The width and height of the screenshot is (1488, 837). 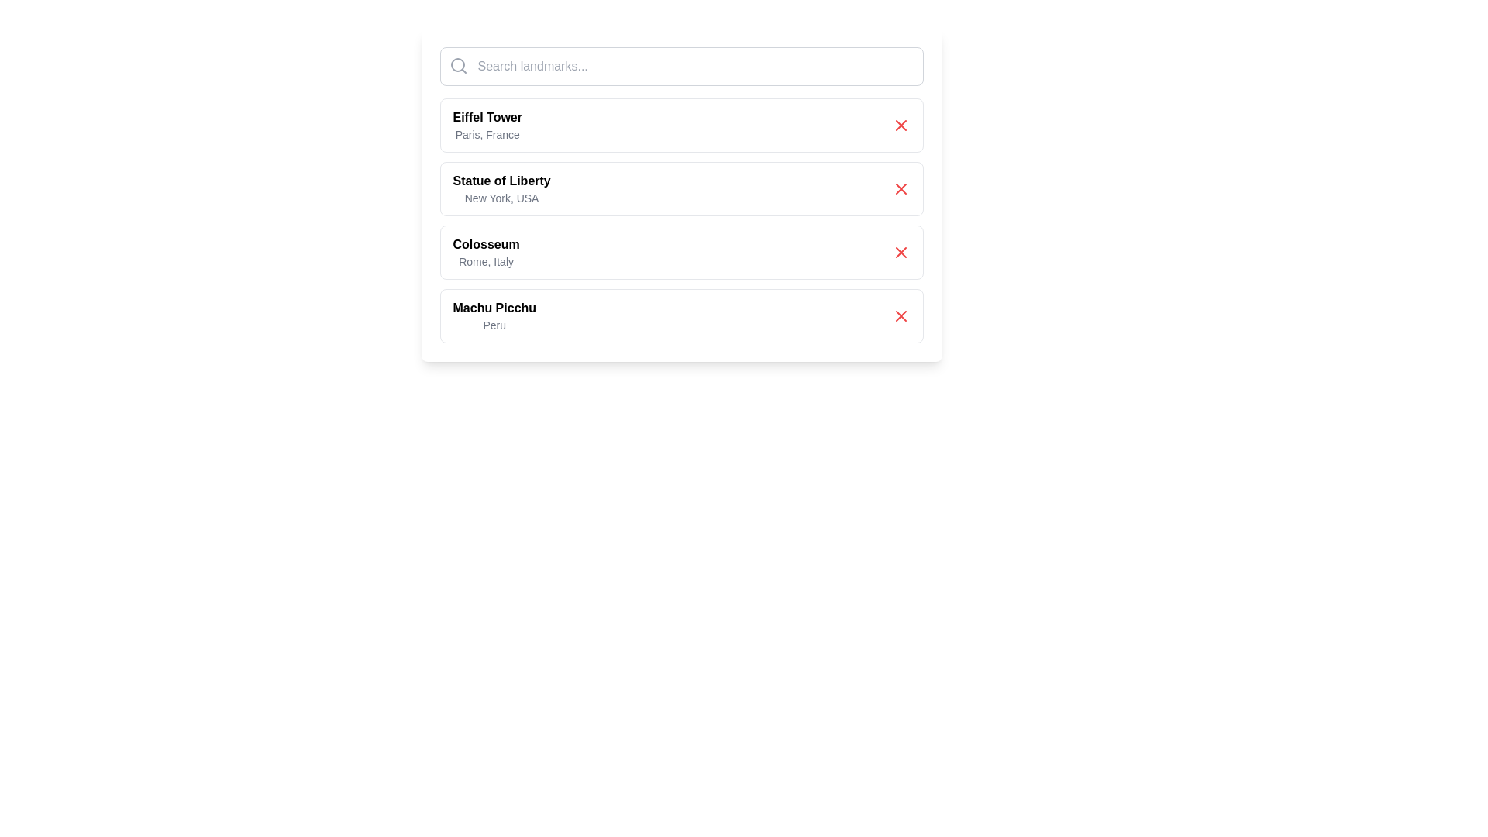 I want to click on the text label displaying 'New York, USA', which is styled in gray and positioned under the bold title 'Statue of Liberty', so click(x=501, y=197).